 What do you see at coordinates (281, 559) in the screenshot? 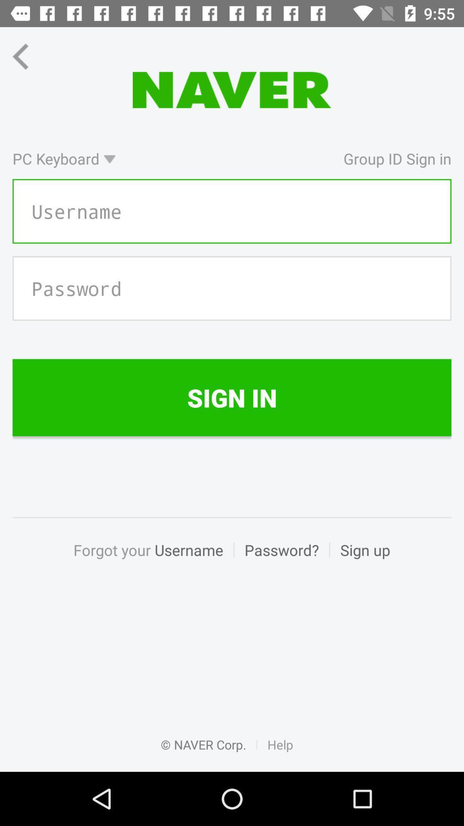
I see `password? item` at bounding box center [281, 559].